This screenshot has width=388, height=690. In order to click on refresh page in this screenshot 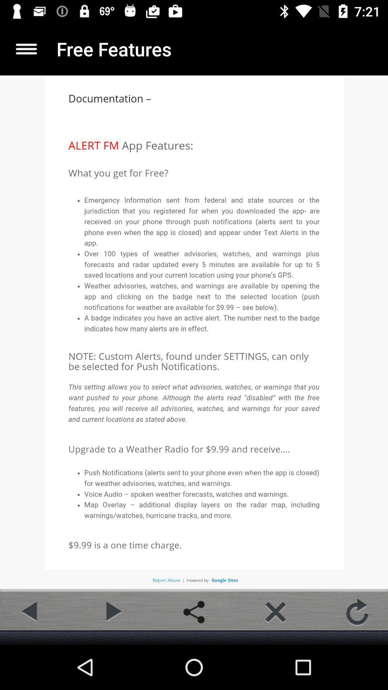, I will do `click(357, 612)`.